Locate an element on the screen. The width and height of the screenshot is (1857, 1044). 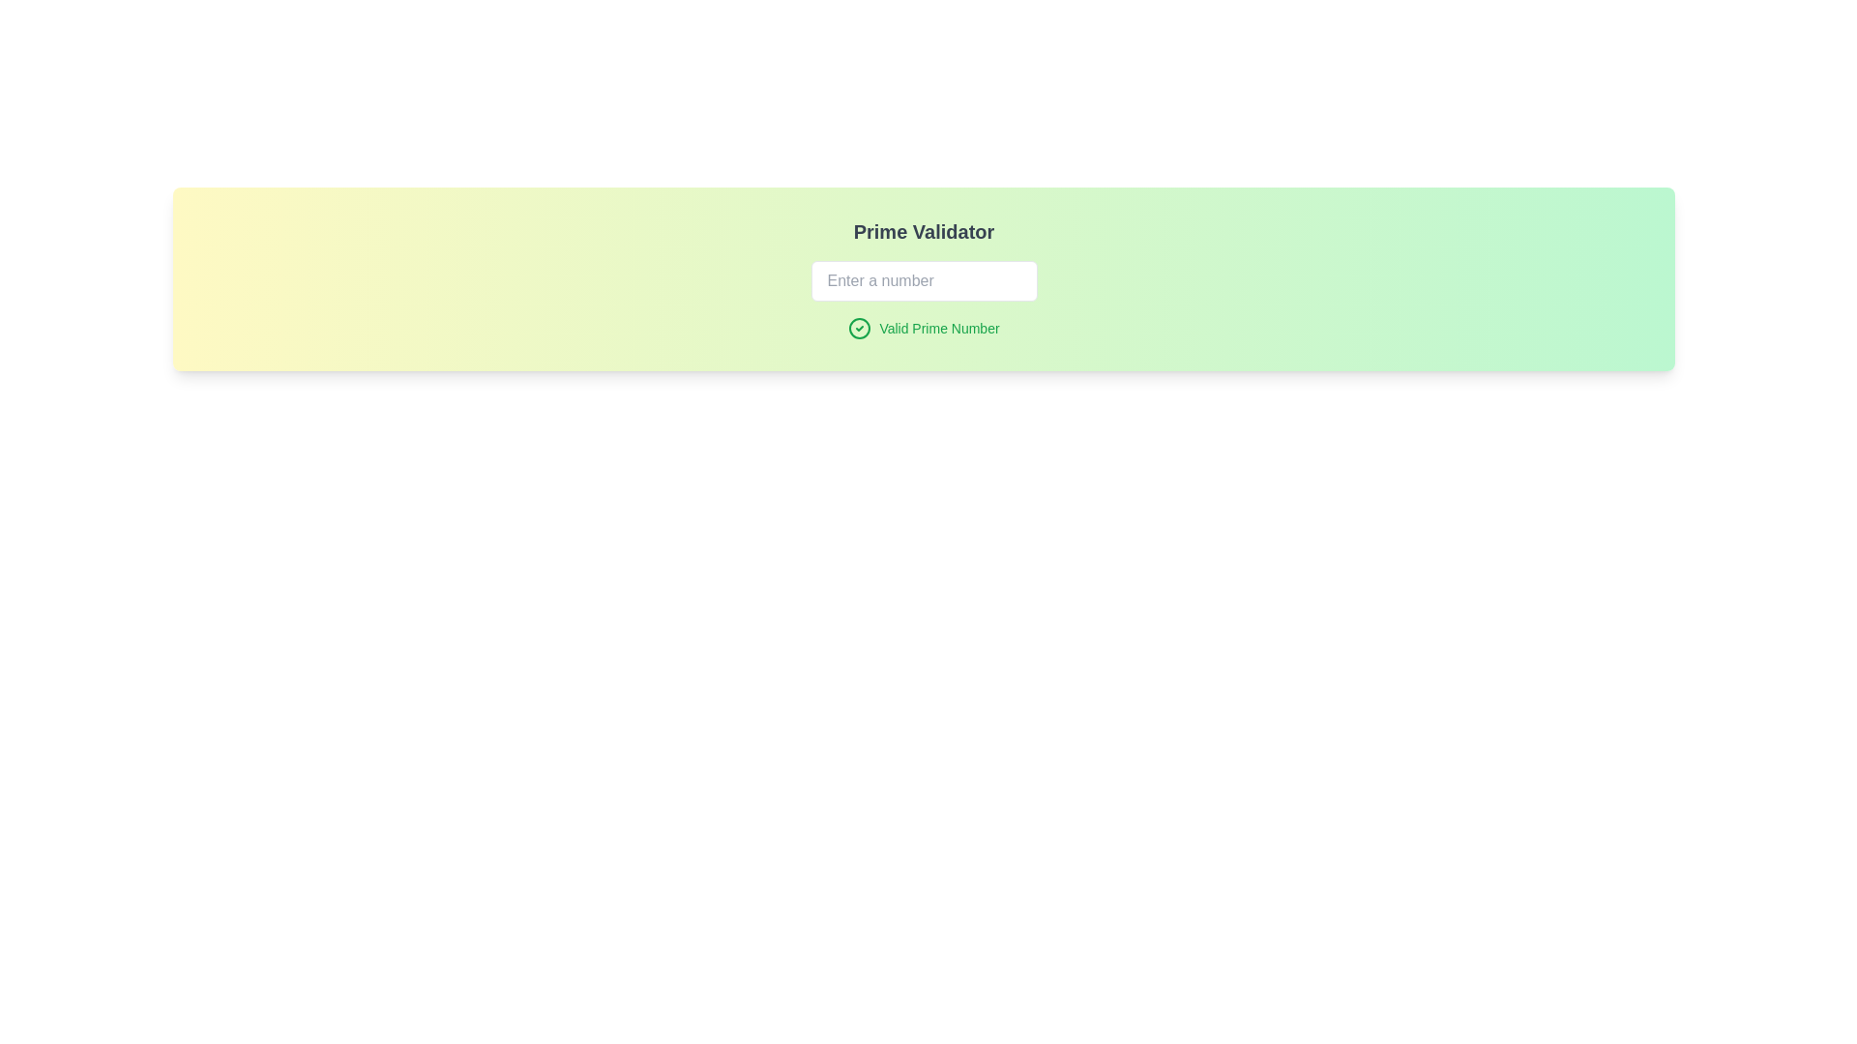
the circular icon featuring a green checkmark, which indicates a successful status and precedes the text 'Valid Prime Number.' is located at coordinates (859, 327).